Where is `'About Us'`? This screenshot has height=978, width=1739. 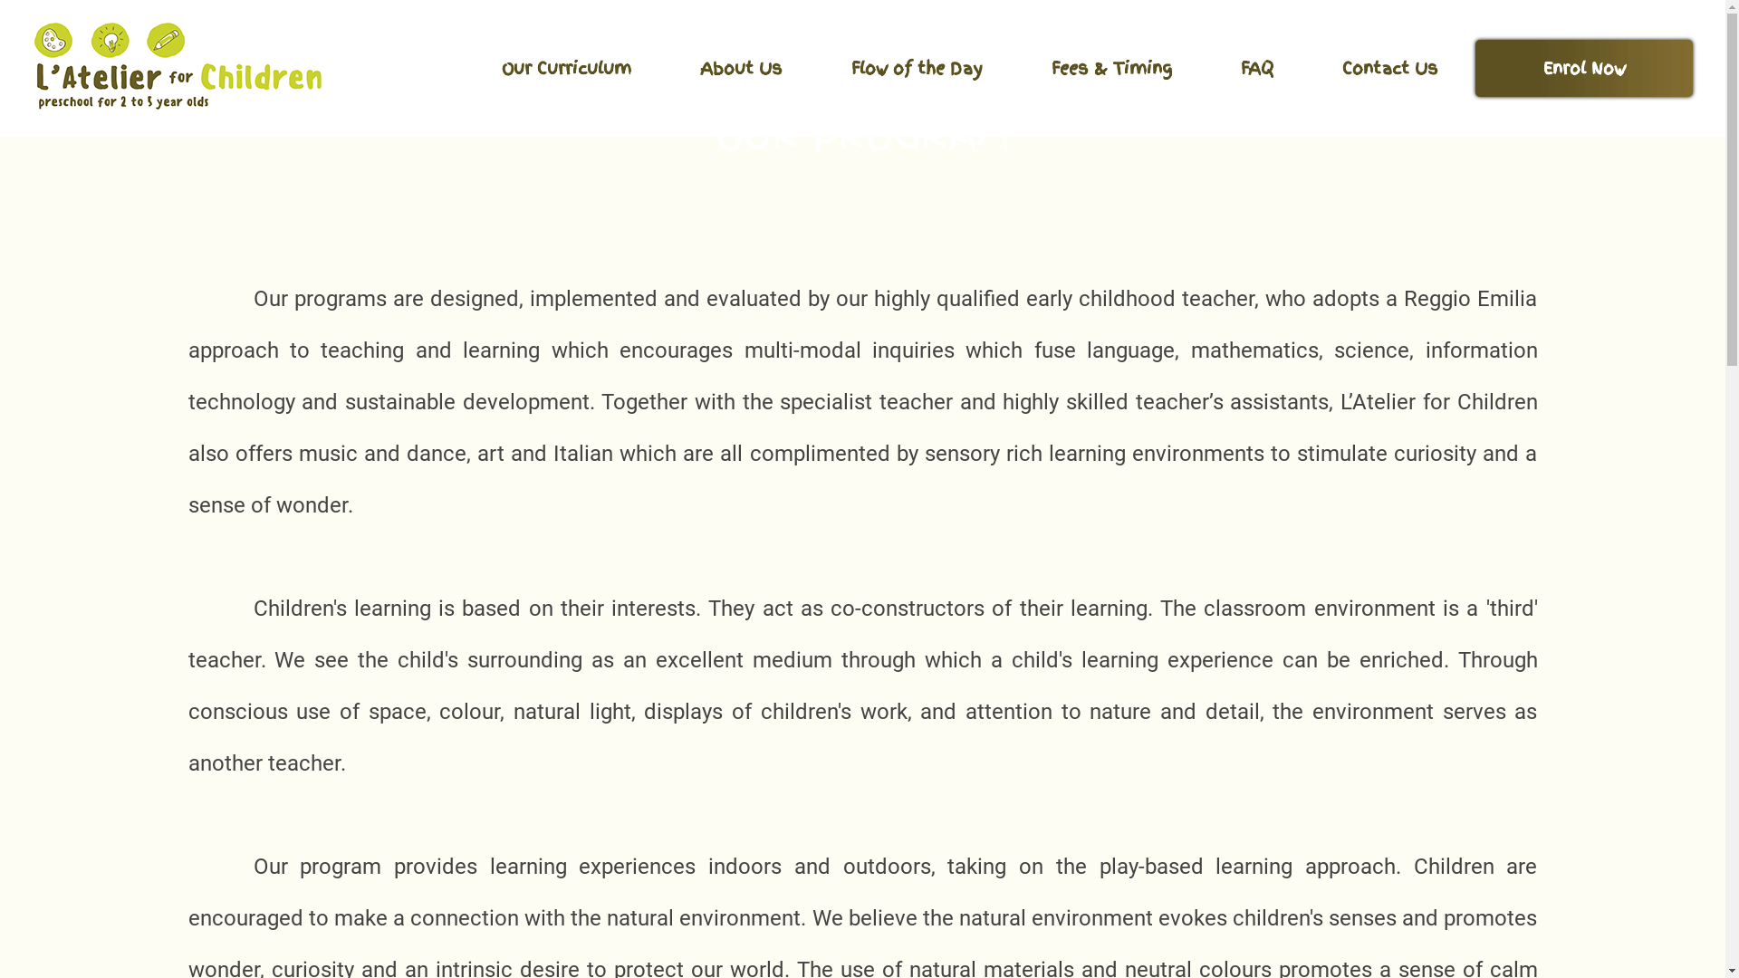
'About Us' is located at coordinates (668, 67).